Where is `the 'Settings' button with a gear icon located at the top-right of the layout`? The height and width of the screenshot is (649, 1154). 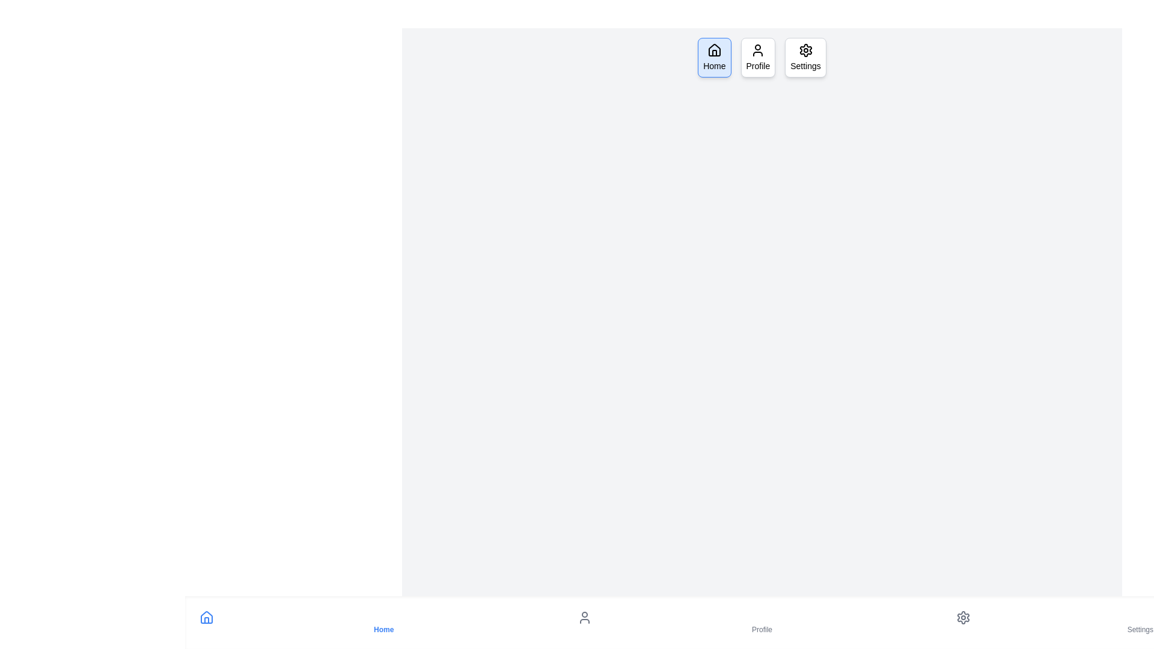
the 'Settings' button with a gear icon located at the top-right of the layout is located at coordinates (805, 58).